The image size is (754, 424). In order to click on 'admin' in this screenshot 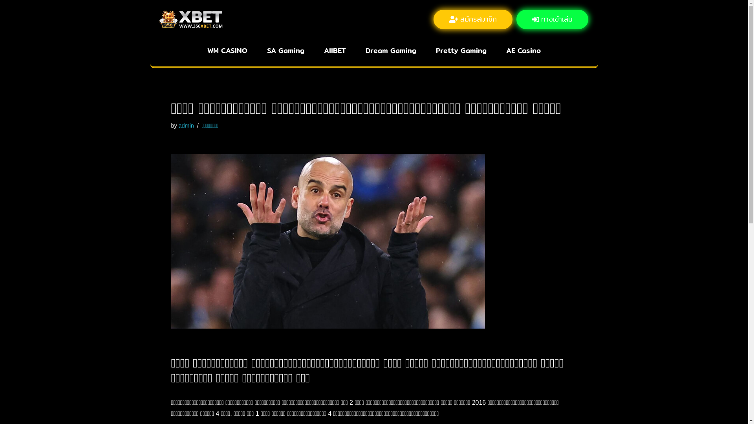, I will do `click(186, 125)`.